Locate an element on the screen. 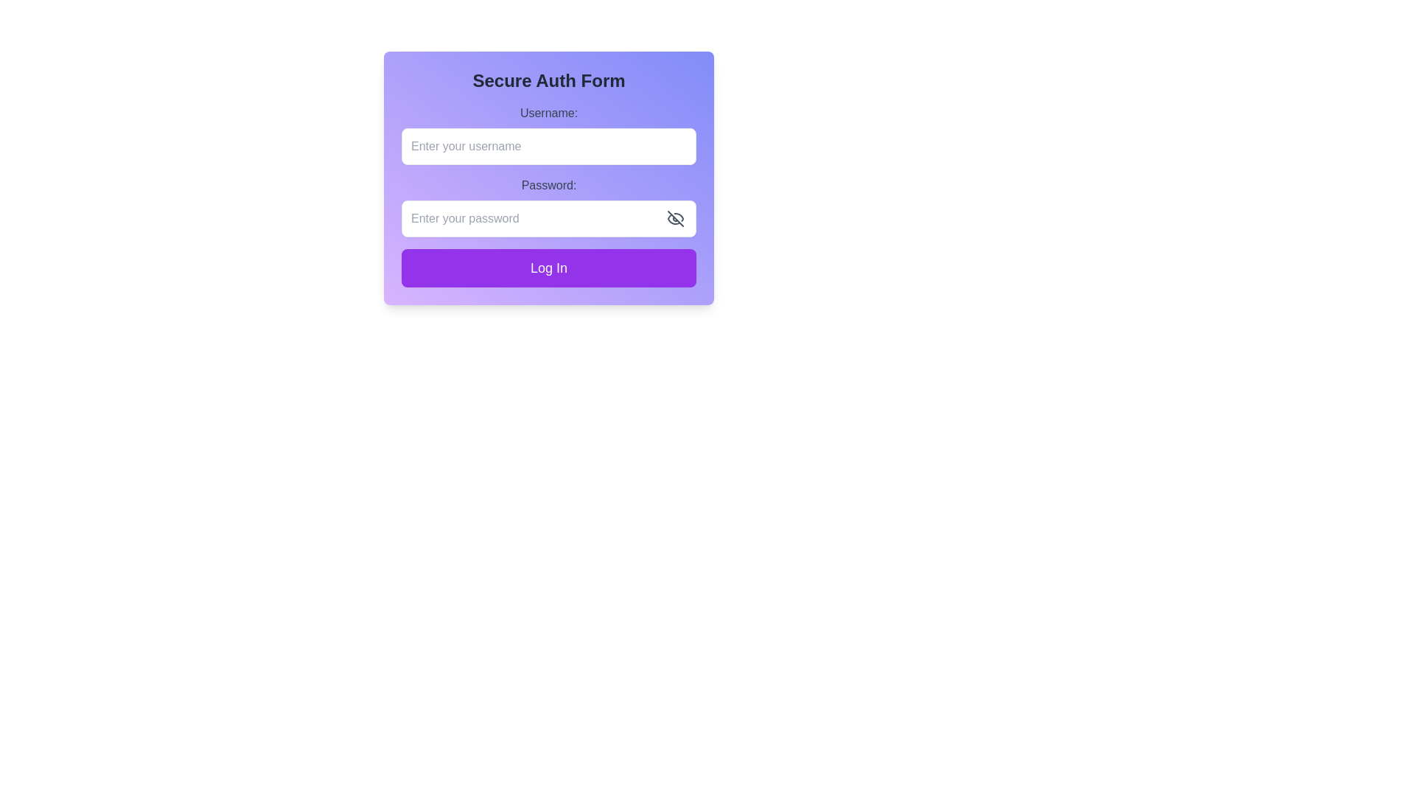 The image size is (1415, 796). the eye with a slash icon located at the rightmost edge of the password input field to potentially display a tooltip is located at coordinates (674, 219).